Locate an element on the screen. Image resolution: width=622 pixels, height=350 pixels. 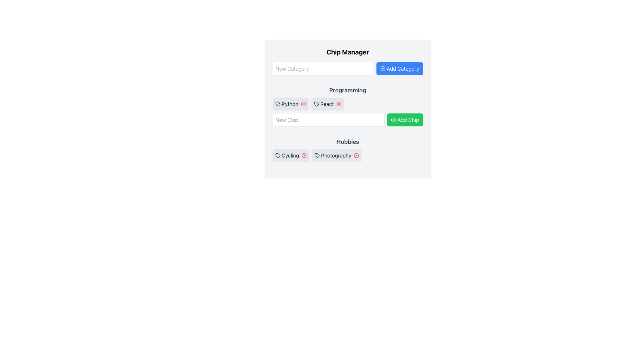
the second chip in the 'Hobbies' section, which has a gray background and the text 'Photography' is located at coordinates (337, 155).